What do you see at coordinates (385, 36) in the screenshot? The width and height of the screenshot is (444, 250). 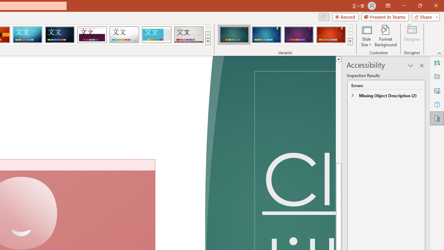 I see `'Format Background'` at bounding box center [385, 36].